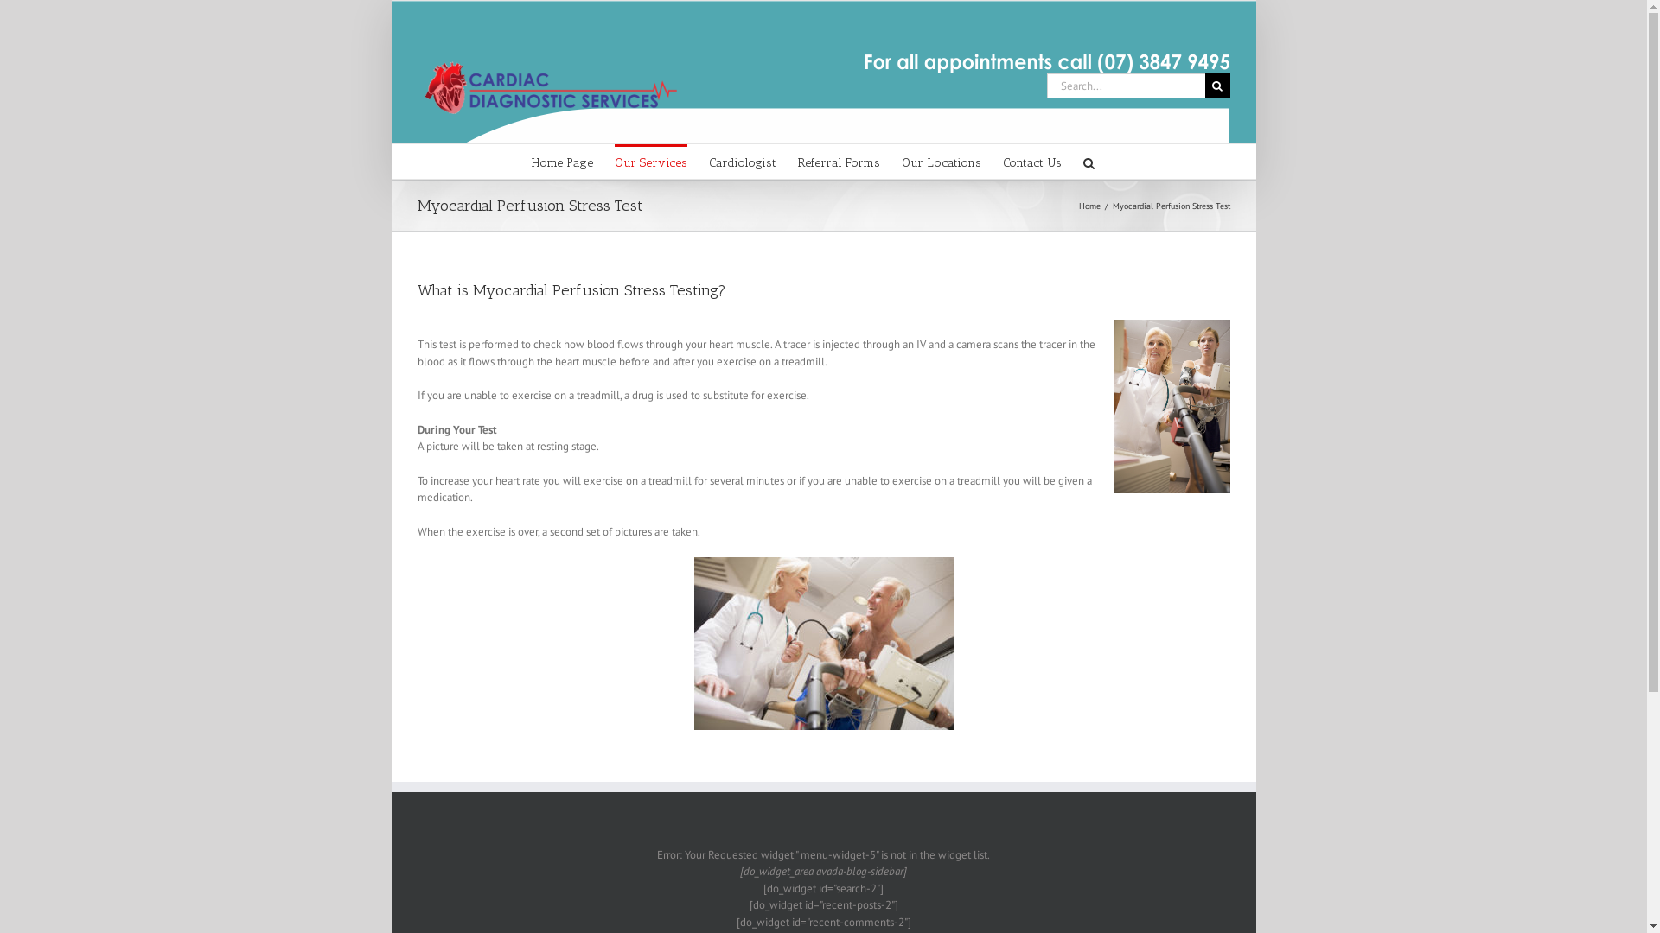  I want to click on 'Home', so click(1089, 205).